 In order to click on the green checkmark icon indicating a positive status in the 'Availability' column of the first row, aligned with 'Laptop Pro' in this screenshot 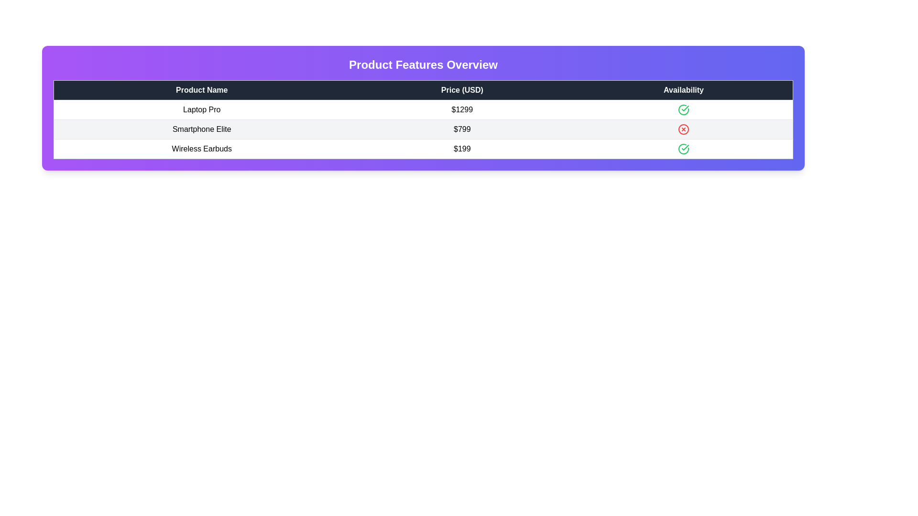, I will do `click(685, 147)`.